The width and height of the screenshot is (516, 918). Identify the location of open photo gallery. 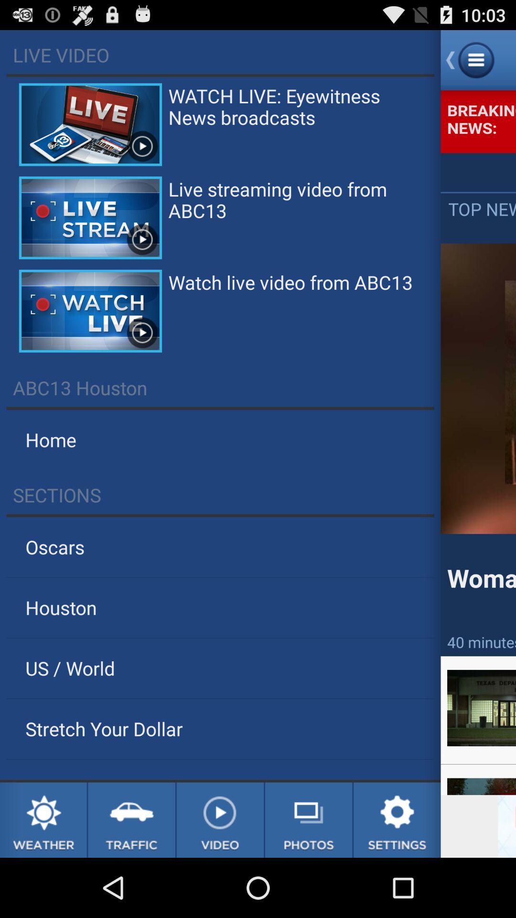
(309, 820).